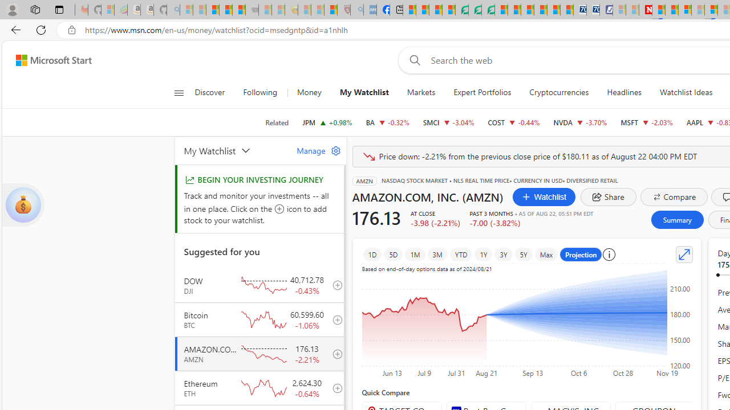 The image size is (730, 410). I want to click on 'Watchlist', so click(543, 196).